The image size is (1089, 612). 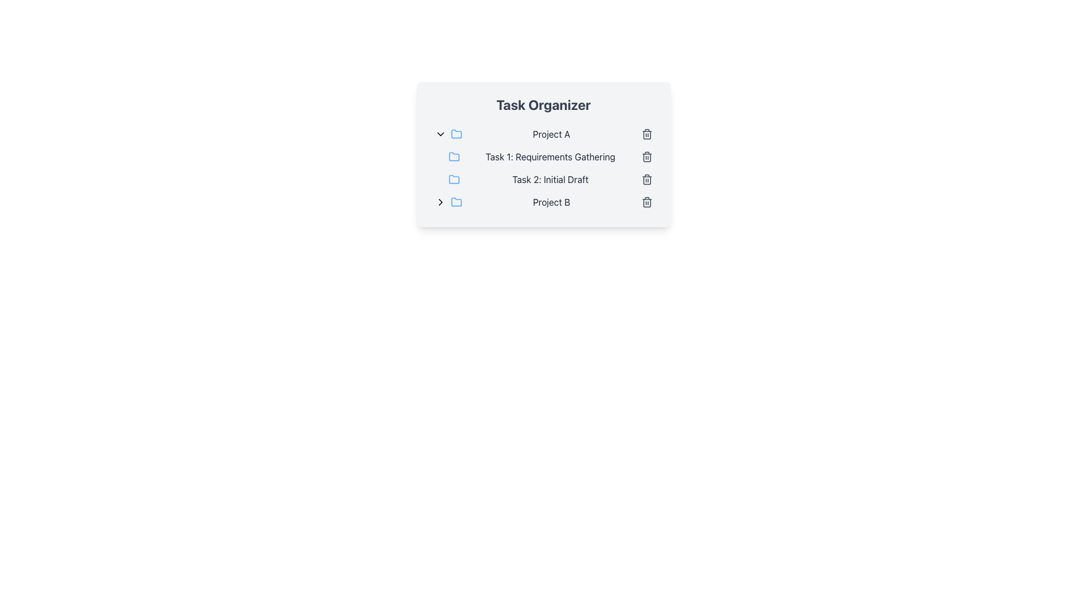 I want to click on the delete icon button located in the bottom right corner of the row for 'Project B', so click(x=647, y=202).